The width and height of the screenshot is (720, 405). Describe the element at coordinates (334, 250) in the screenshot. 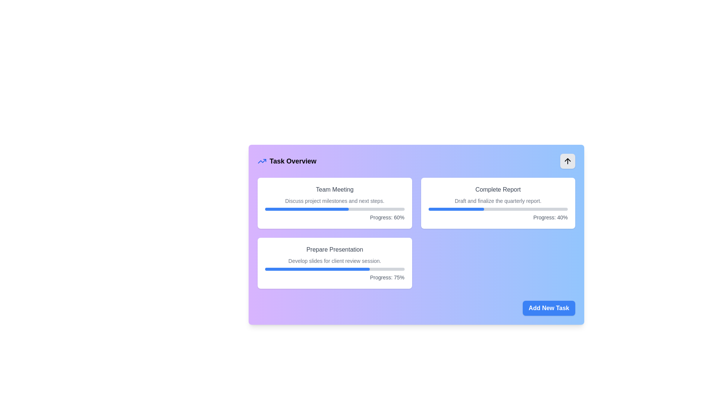

I see `the text label that serves as the title of the task card, which provides a concise summary of the task's objective, located at the top-left side of the card` at that location.